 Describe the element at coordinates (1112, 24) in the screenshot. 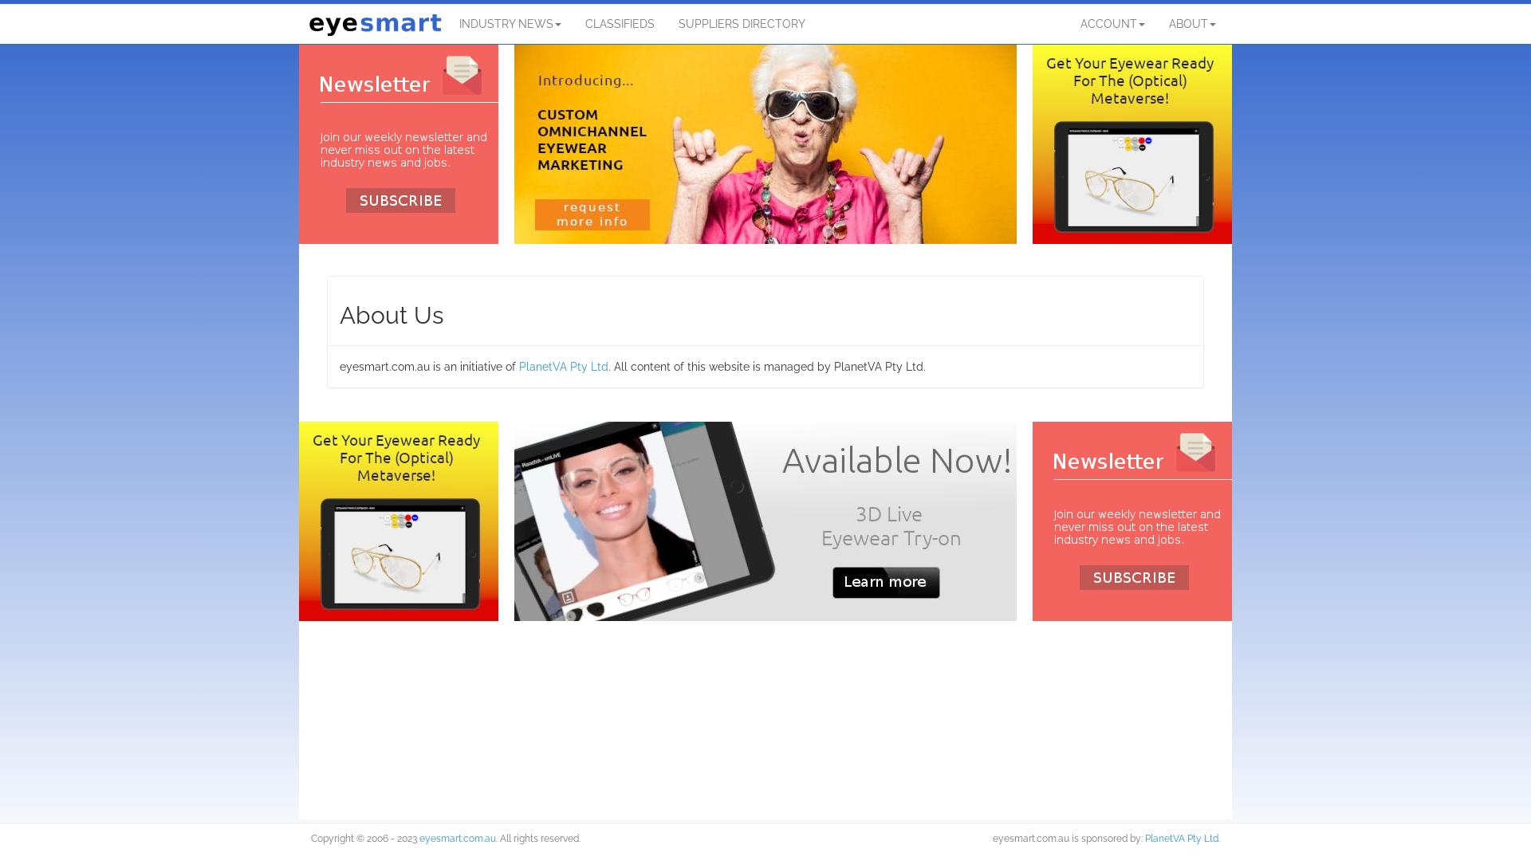

I see `'ACCOUNT'` at that location.